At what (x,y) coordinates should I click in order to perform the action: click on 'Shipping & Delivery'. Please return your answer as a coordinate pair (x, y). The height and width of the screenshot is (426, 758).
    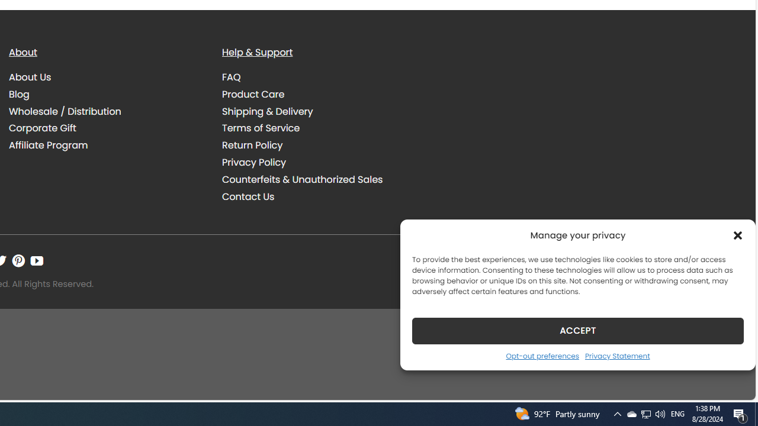
    Looking at the image, I should click on (320, 111).